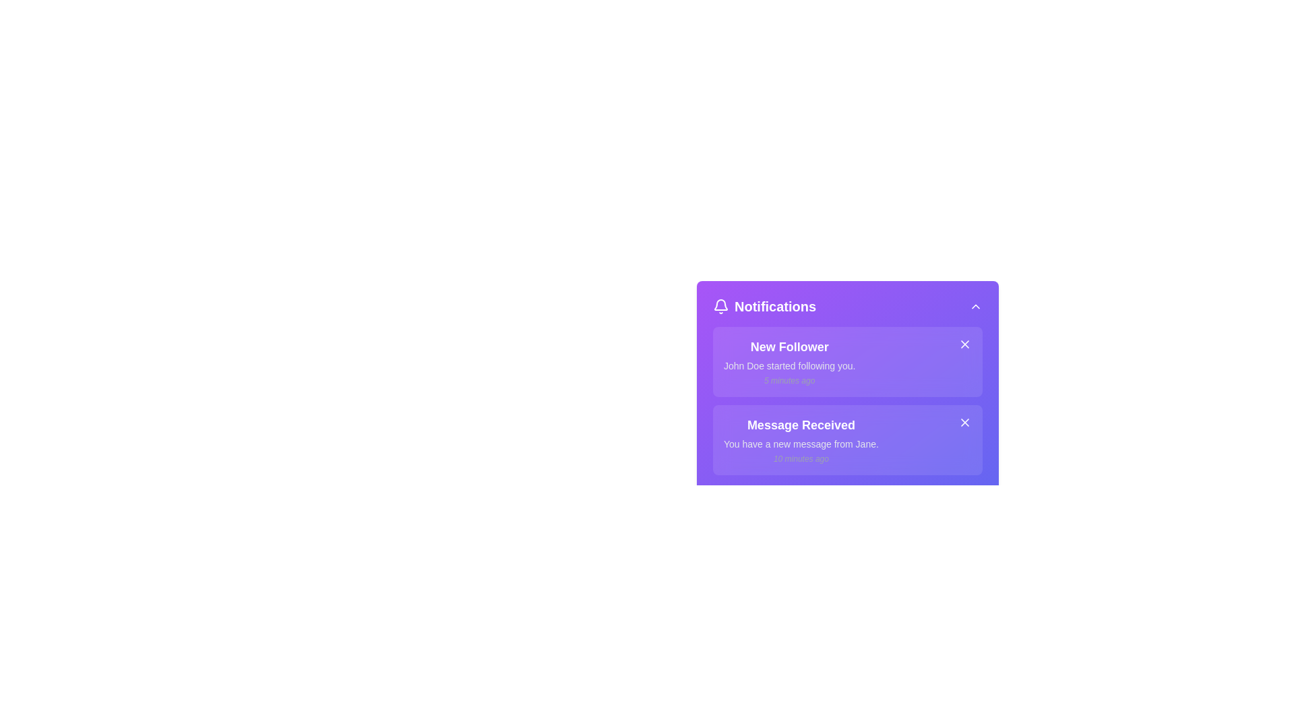 This screenshot has height=728, width=1294. What do you see at coordinates (976, 307) in the screenshot?
I see `the small upward-facing chevron icon styled in white on a purple background, located at the top-right corner of the 'Notifications' section` at bounding box center [976, 307].